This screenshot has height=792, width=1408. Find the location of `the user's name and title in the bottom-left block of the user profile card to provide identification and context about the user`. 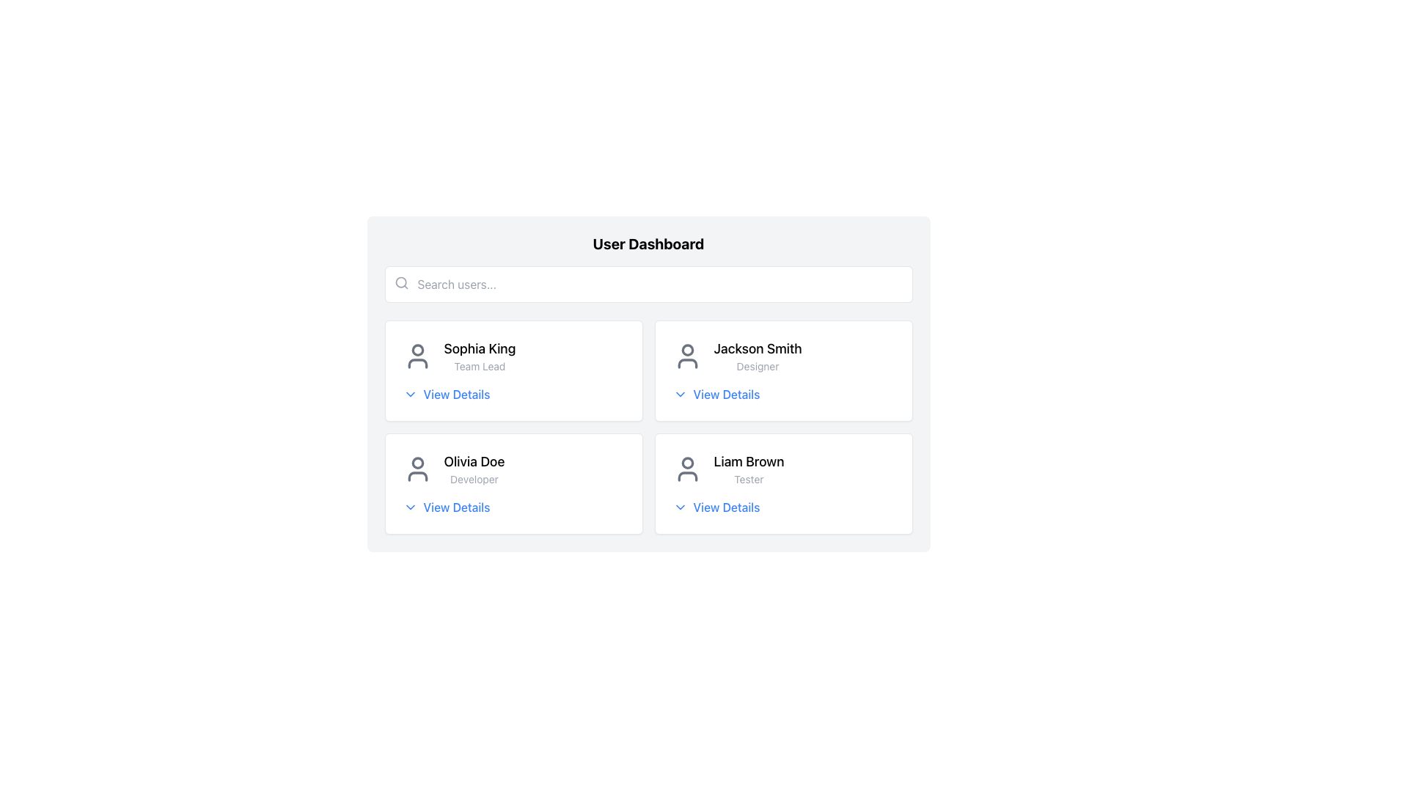

the user's name and title in the bottom-left block of the user profile card to provide identification and context about the user is located at coordinates (513, 469).